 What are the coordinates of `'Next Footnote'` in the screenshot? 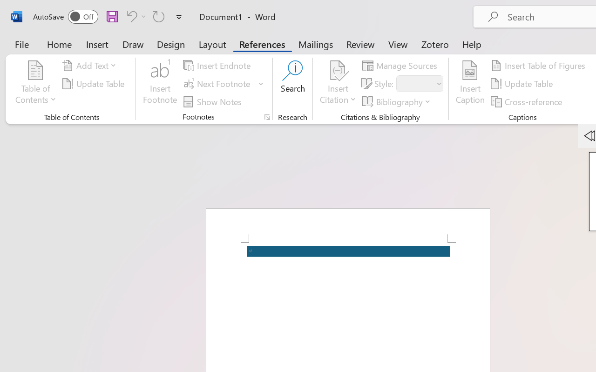 It's located at (223, 83).